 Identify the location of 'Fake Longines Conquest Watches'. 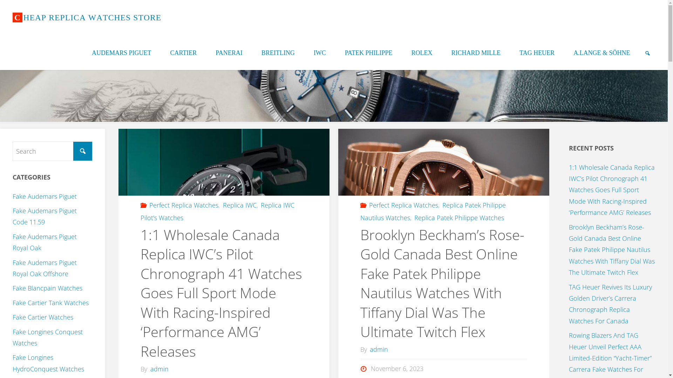
(47, 337).